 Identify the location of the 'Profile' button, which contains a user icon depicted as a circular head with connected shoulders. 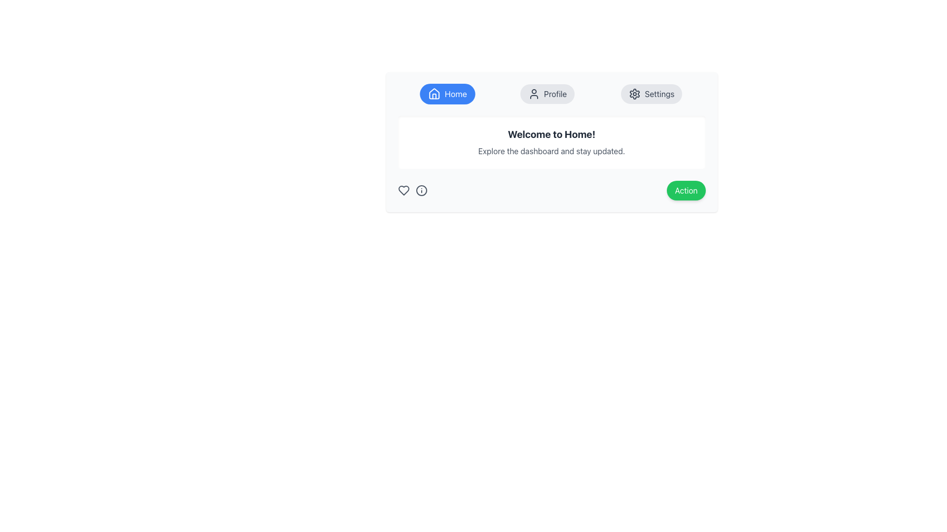
(534, 94).